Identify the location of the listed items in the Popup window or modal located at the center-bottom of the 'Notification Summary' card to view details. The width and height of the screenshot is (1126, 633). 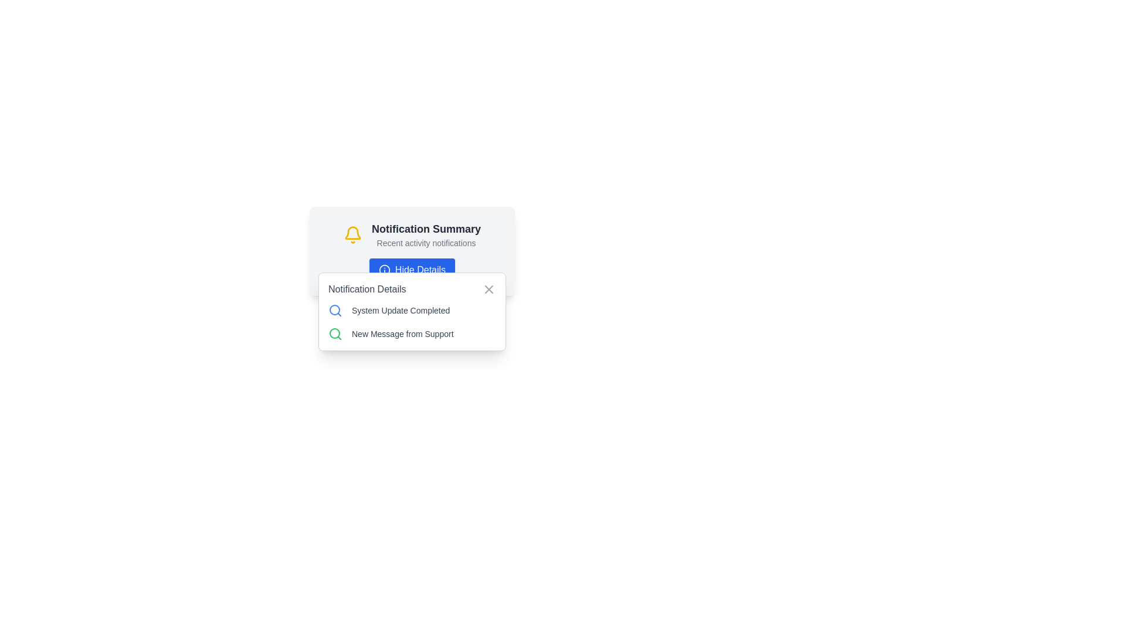
(412, 311).